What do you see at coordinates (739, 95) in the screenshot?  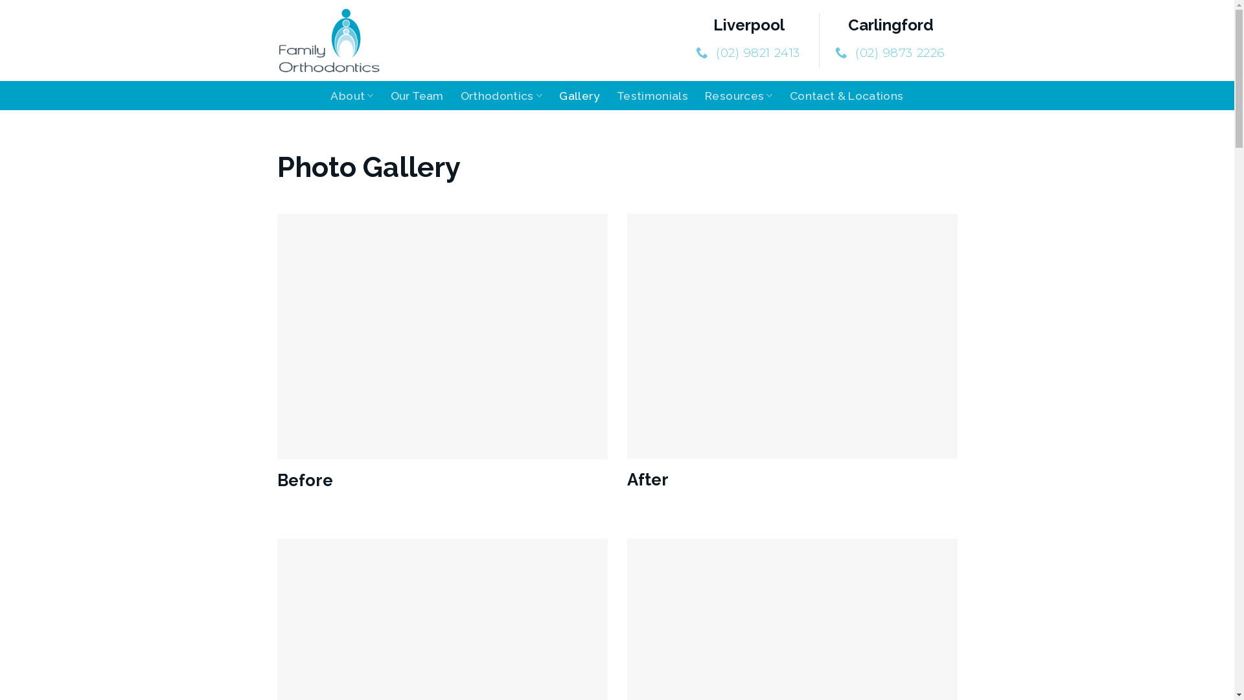 I see `'Resources'` at bounding box center [739, 95].